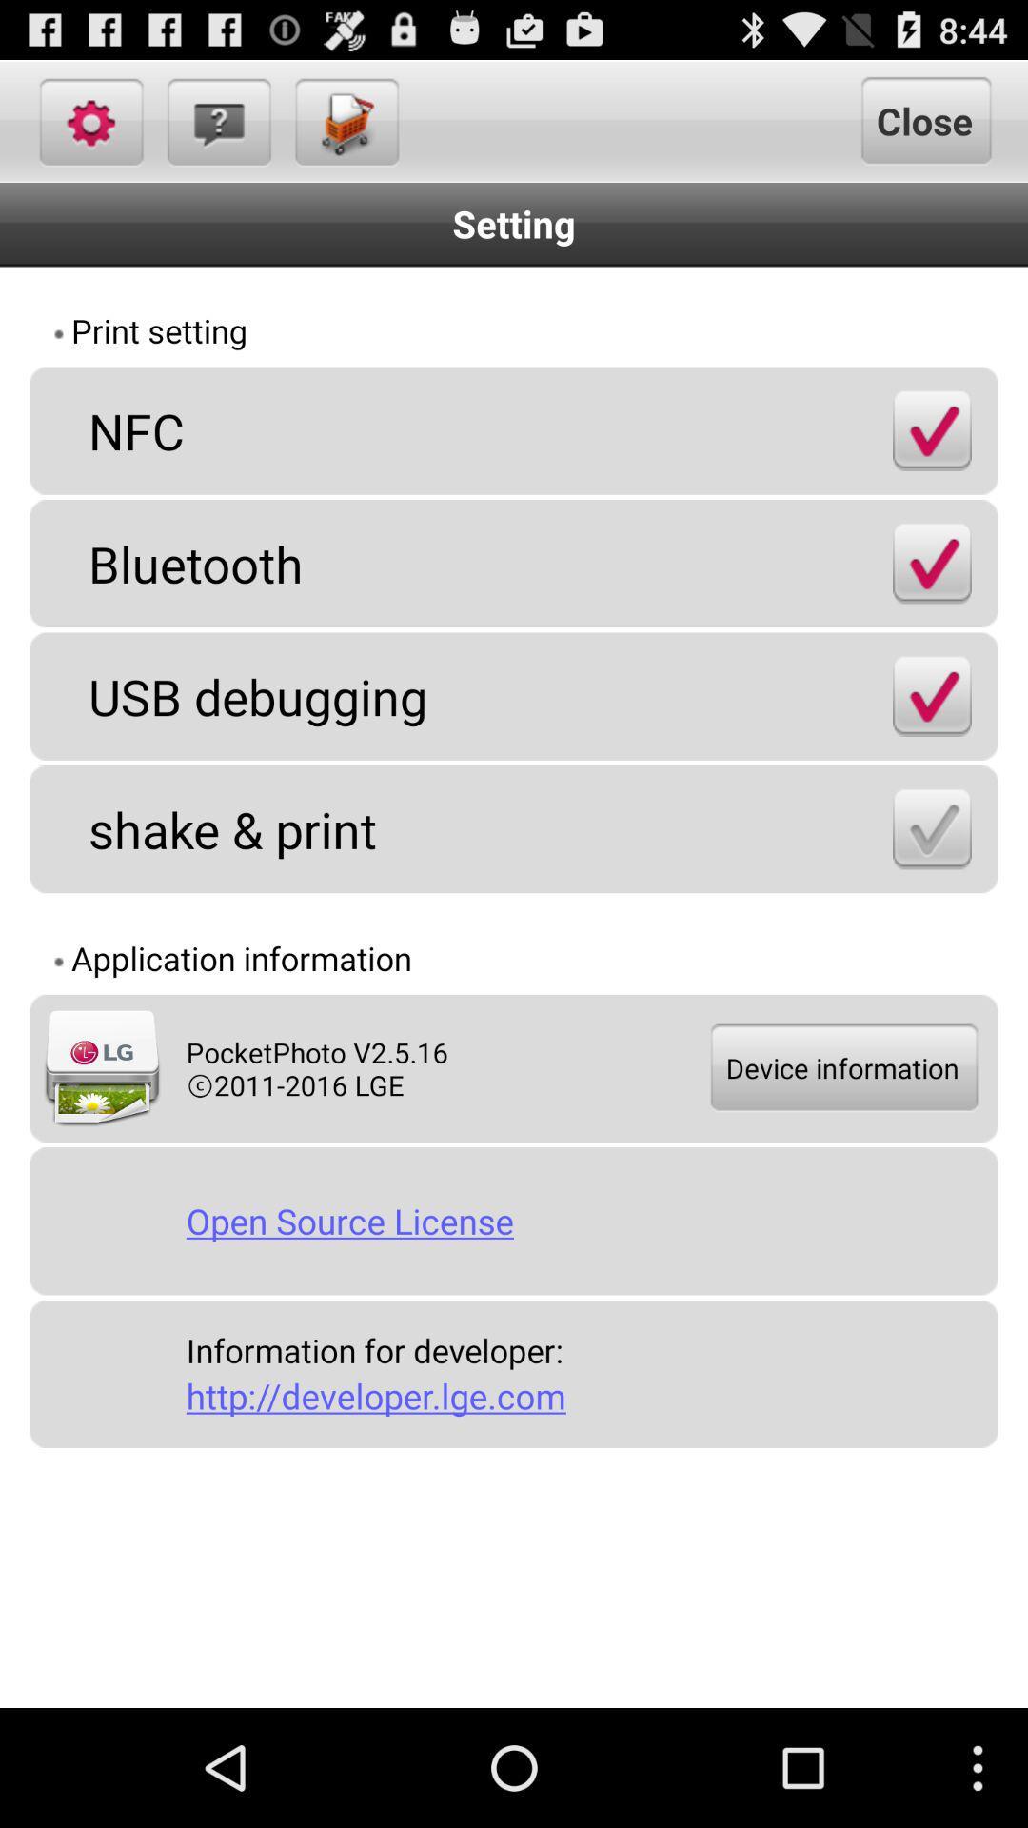 This screenshot has height=1828, width=1028. What do you see at coordinates (345, 120) in the screenshot?
I see `button to the left of close item` at bounding box center [345, 120].